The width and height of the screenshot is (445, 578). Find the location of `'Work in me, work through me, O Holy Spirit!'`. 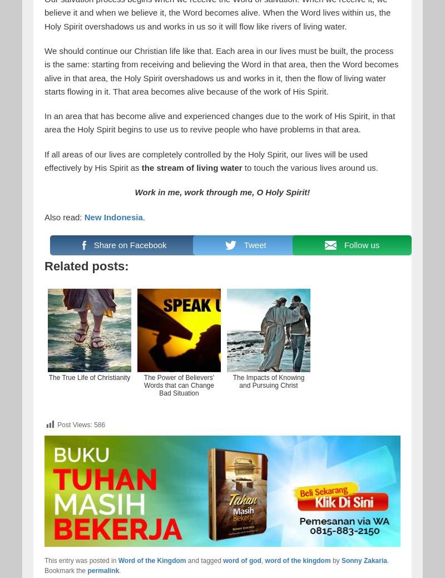

'Work in me, work through me, O Holy Spirit!' is located at coordinates (134, 192).